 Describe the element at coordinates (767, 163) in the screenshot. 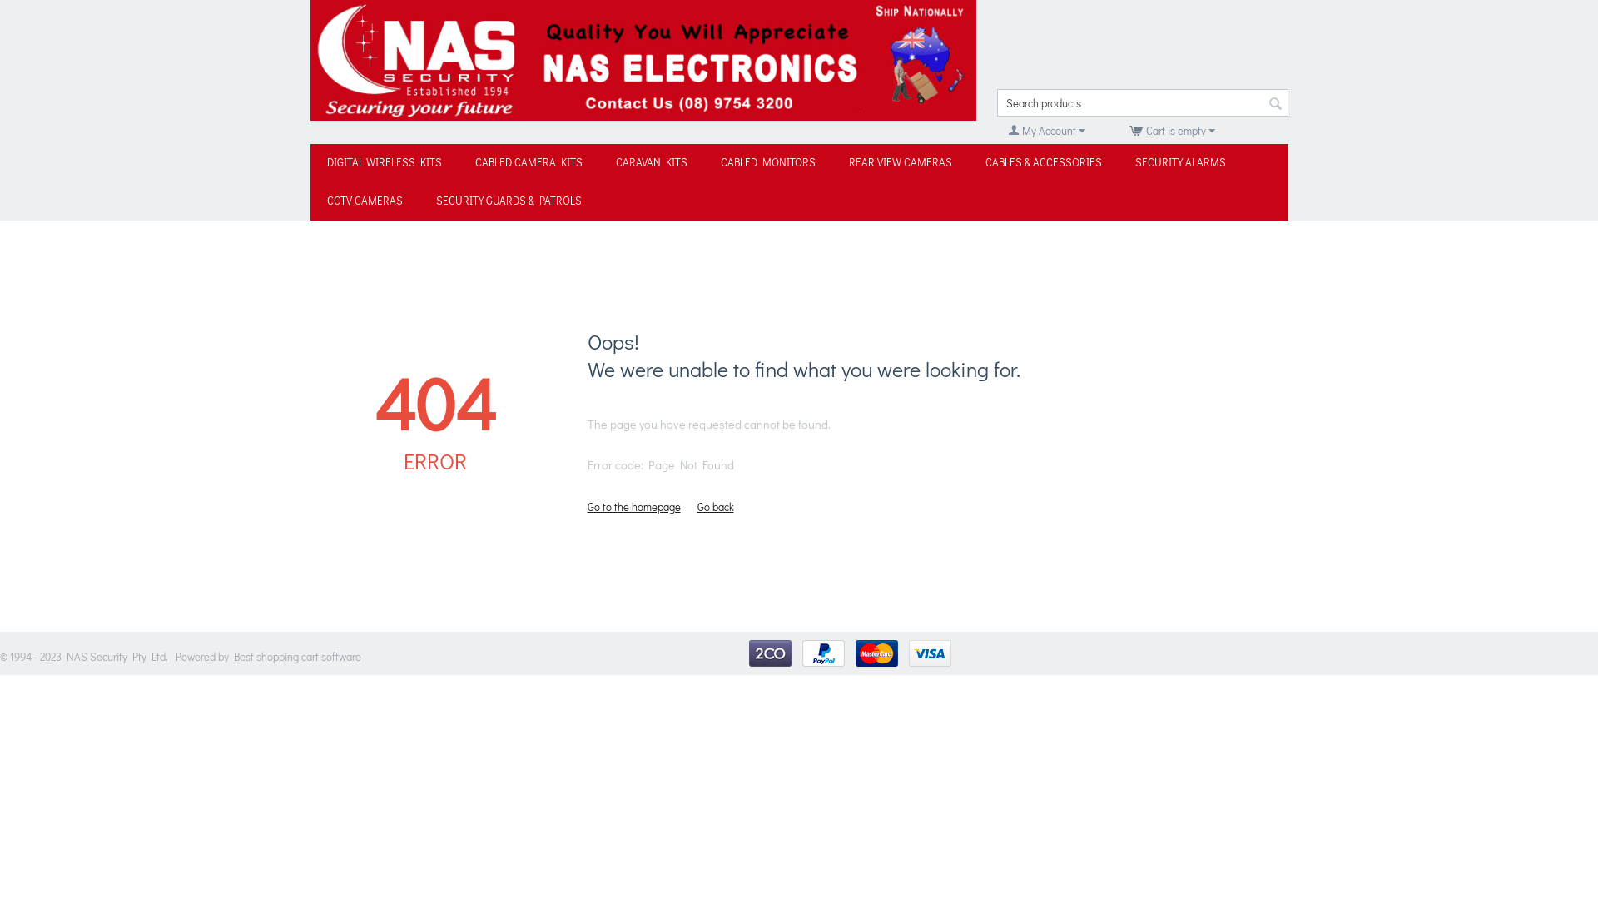

I see `'CABLED MONITORS'` at that location.